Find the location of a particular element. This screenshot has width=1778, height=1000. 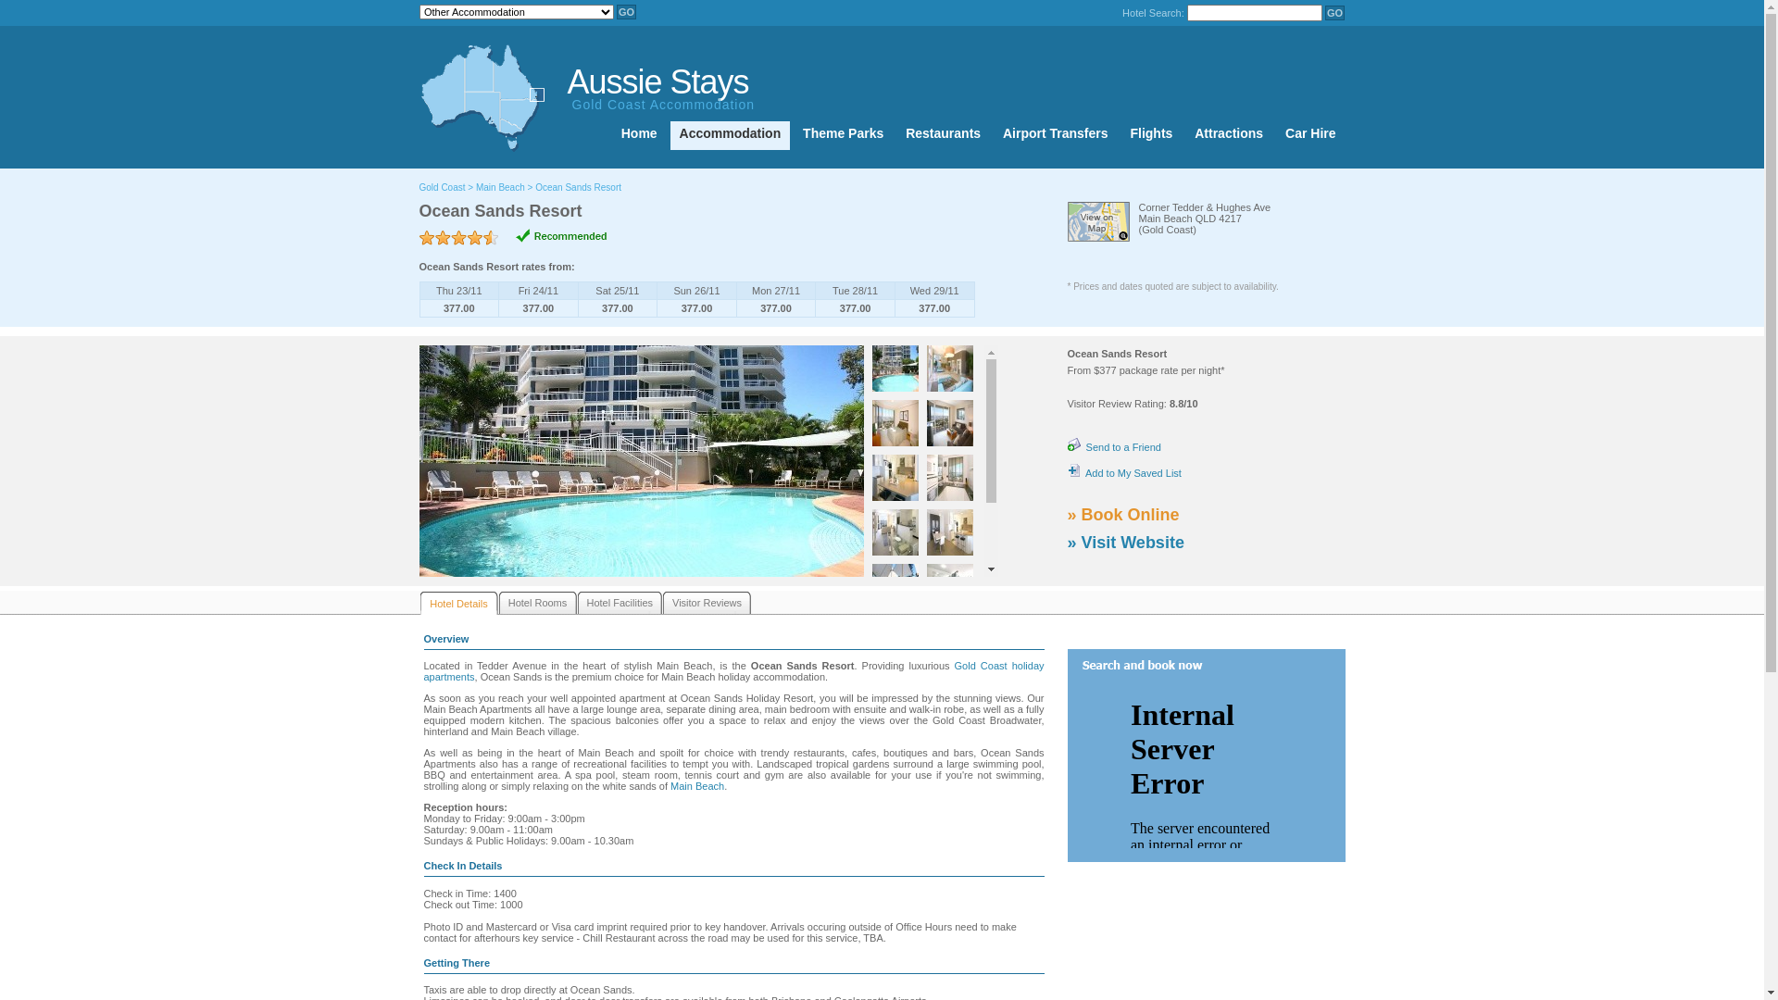

'Gold Coast' is located at coordinates (440, 187).